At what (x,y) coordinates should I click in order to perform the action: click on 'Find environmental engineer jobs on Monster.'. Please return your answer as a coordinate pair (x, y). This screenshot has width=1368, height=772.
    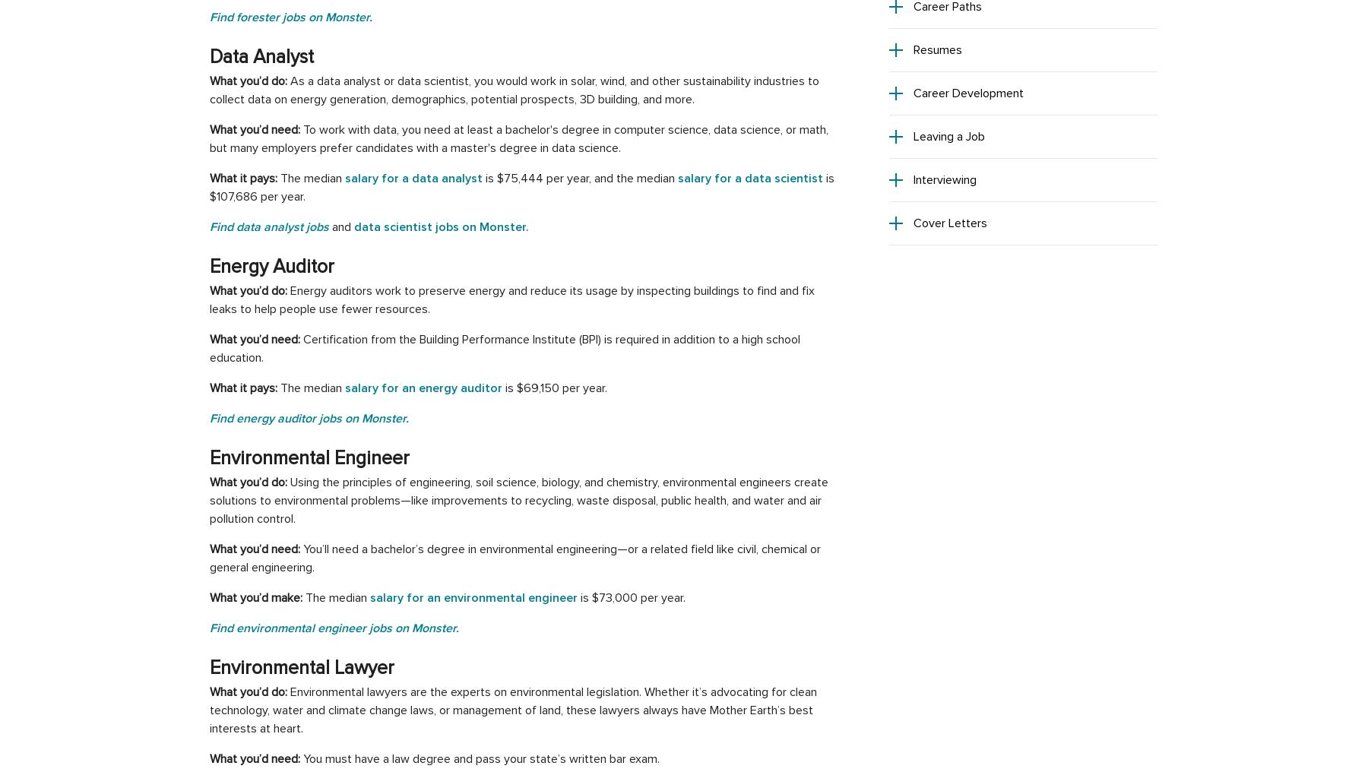
    Looking at the image, I should click on (208, 628).